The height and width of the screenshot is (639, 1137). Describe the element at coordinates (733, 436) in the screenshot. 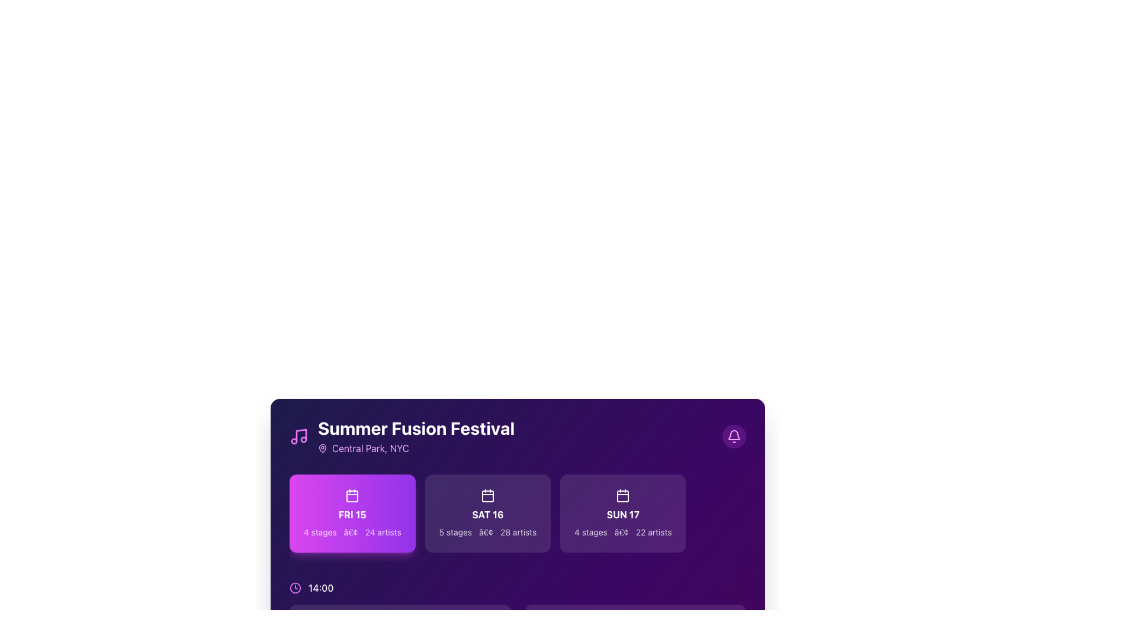

I see `the outlined bell icon, which is styled with a rounded design and light purple color, located in the top-right corner of the circular button within the festival information card` at that location.